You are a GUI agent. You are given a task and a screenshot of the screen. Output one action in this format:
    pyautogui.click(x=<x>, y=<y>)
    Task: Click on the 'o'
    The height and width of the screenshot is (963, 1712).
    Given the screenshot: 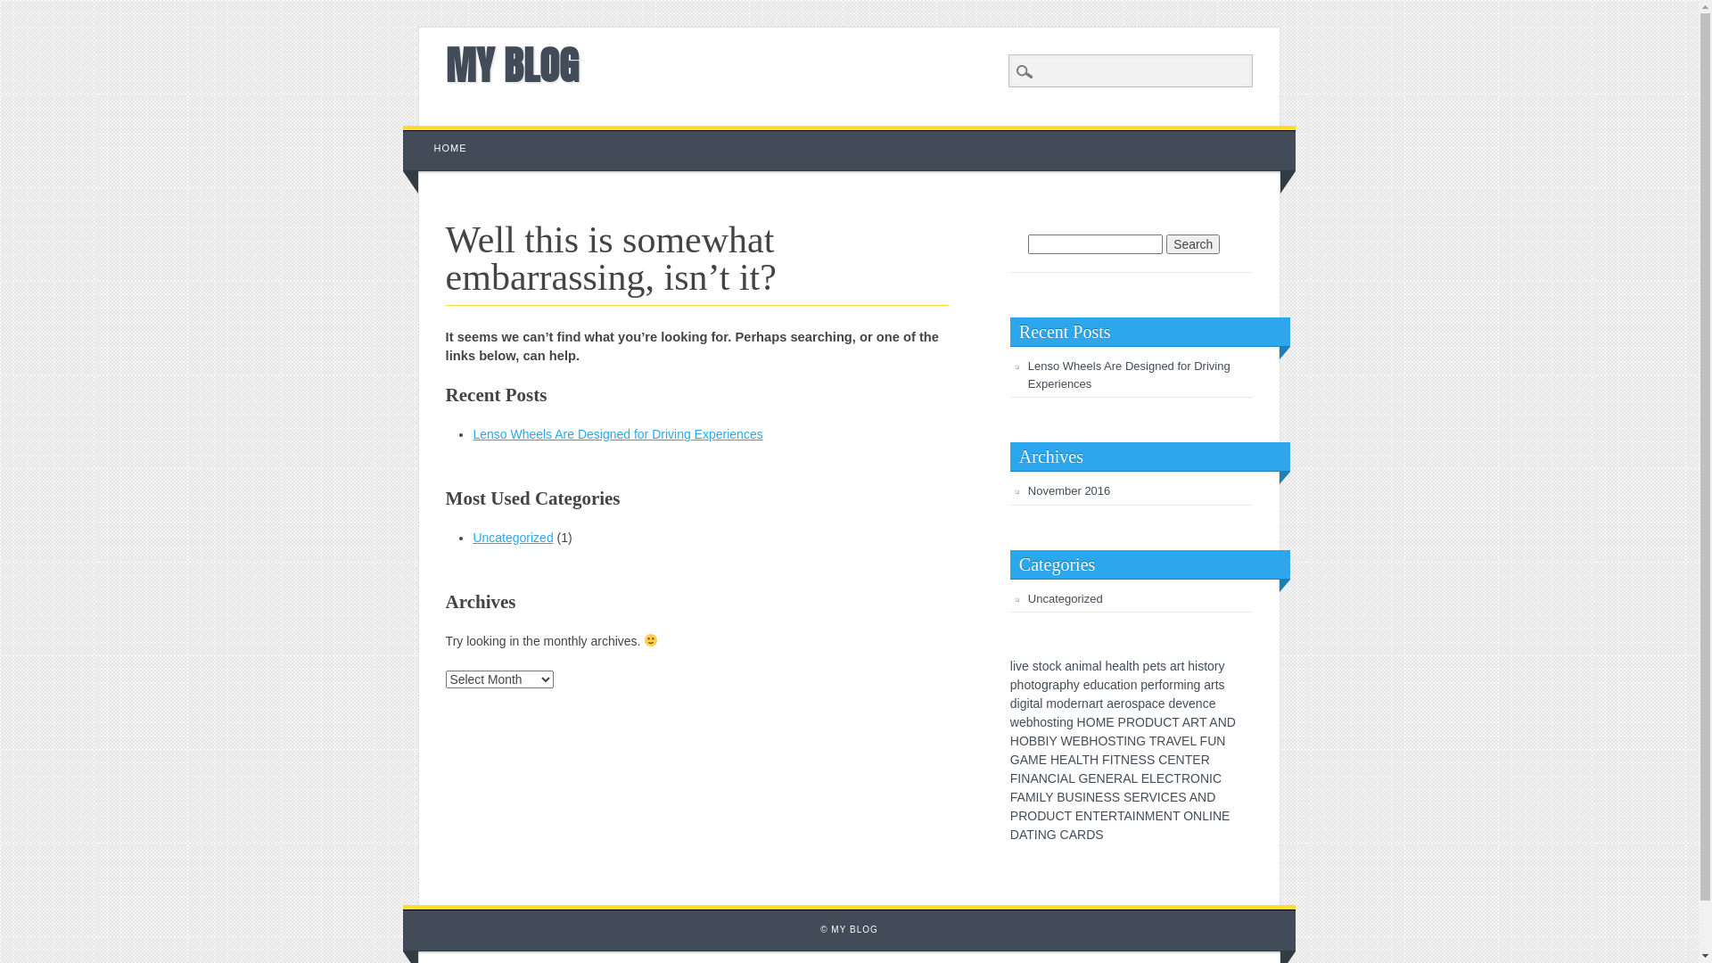 What is the action you would take?
    pyautogui.click(x=1040, y=722)
    